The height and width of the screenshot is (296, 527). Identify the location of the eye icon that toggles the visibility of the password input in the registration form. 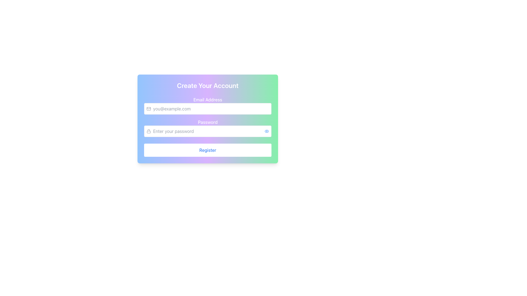
(267, 131).